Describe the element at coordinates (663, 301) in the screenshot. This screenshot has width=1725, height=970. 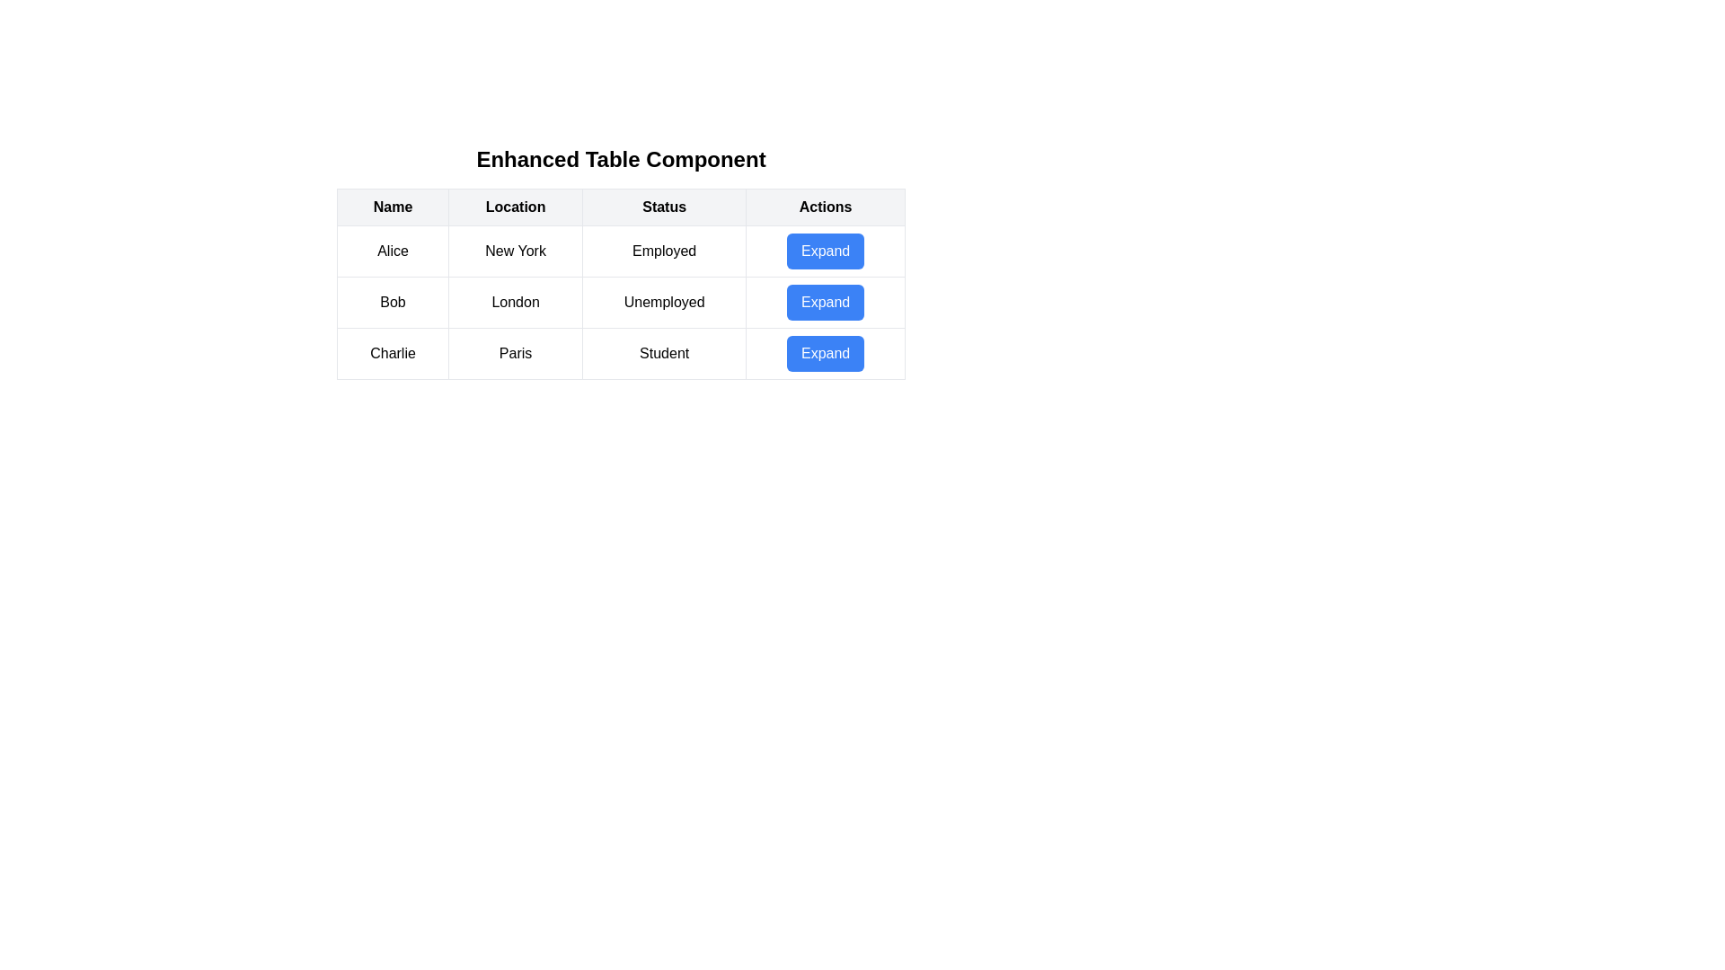
I see `the static text element displaying 'Unemployed' in the second row of the 'Status' column of the table` at that location.